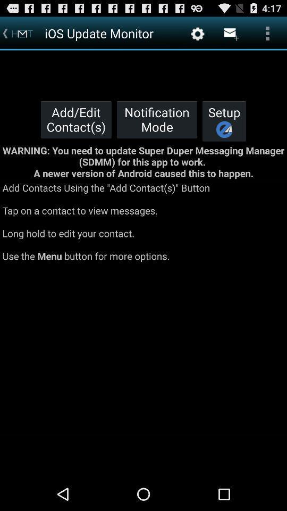 The width and height of the screenshot is (287, 511). Describe the element at coordinates (156, 119) in the screenshot. I see `icon to the right of the add edit contact button` at that location.